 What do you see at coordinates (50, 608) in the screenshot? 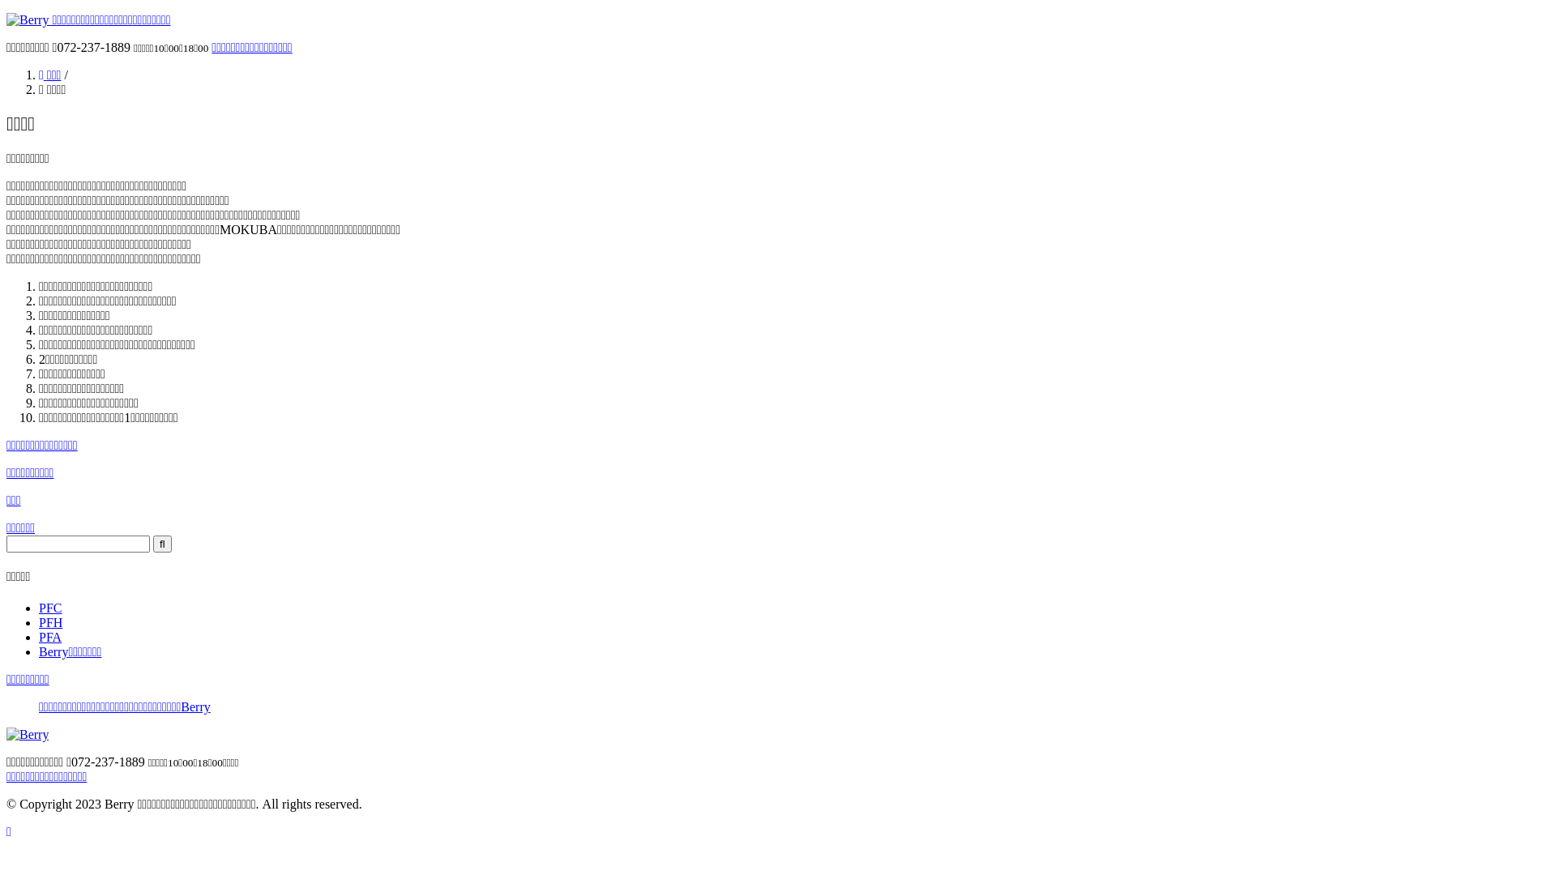
I see `'PFC'` at bounding box center [50, 608].